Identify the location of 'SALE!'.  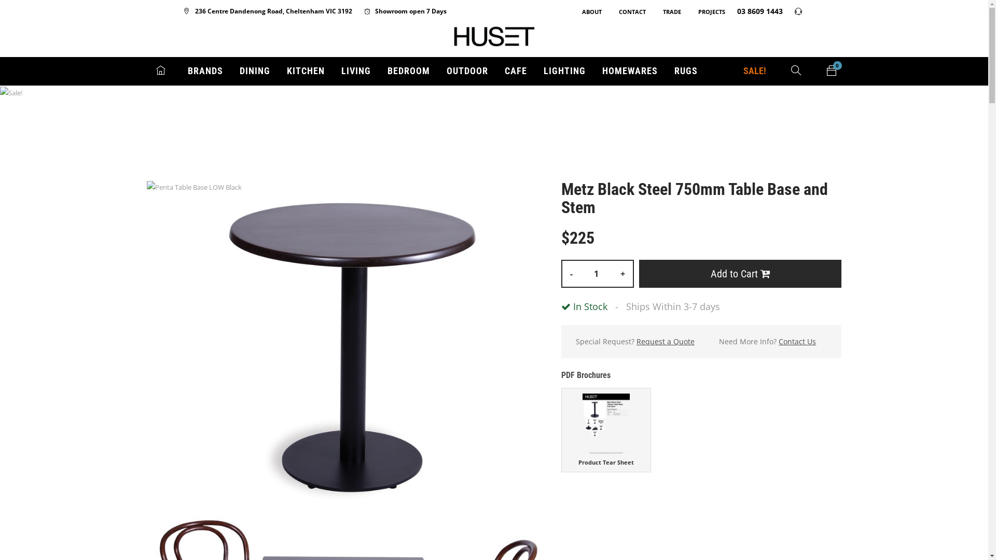
(754, 71).